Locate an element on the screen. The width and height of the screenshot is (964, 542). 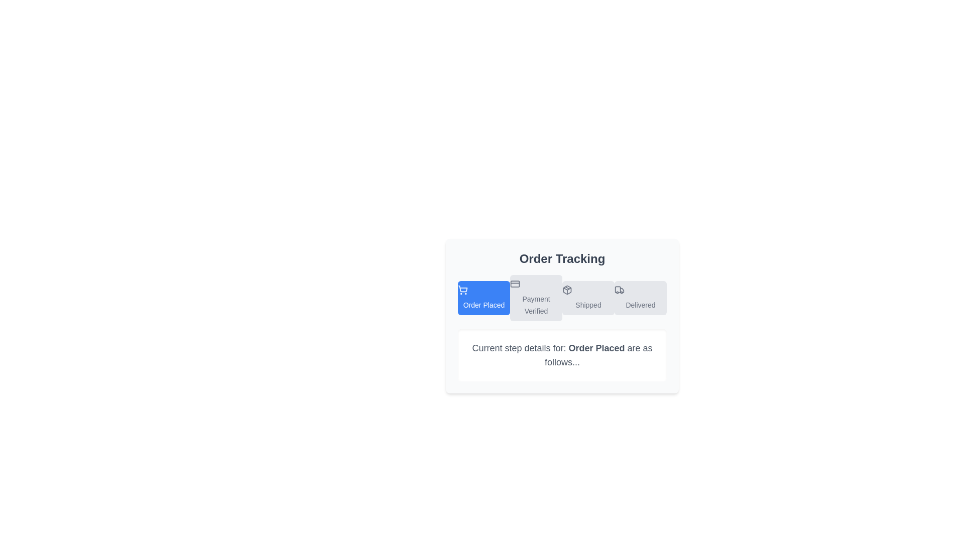
the 'Order Placed' button-like indicator with a blue background and a shopping cart icon on the left to interact further is located at coordinates (484, 298).